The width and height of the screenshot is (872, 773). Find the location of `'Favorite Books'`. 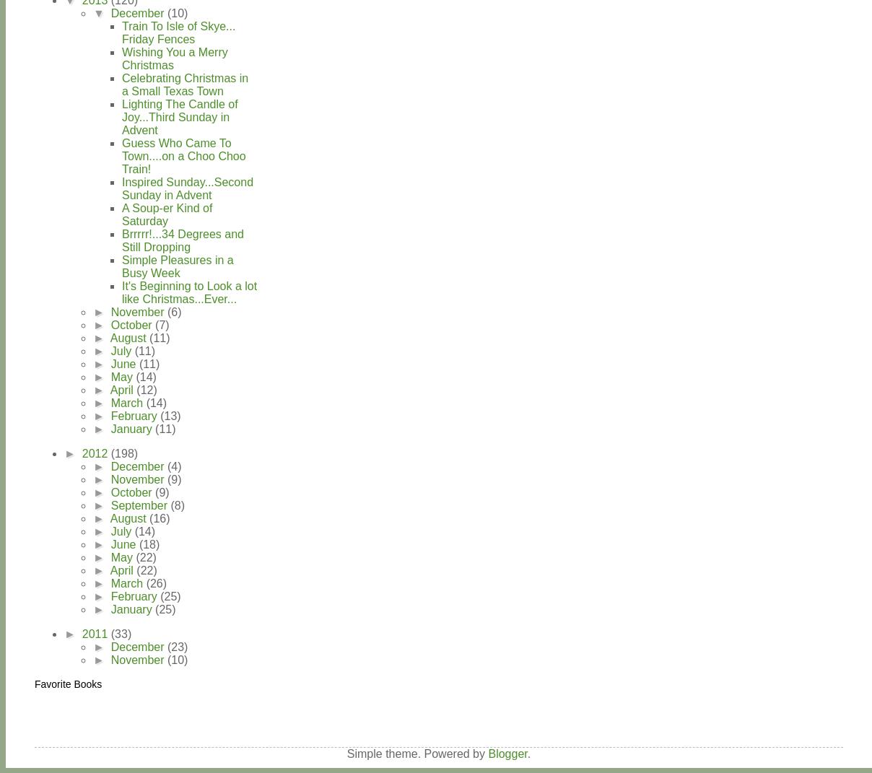

'Favorite Books' is located at coordinates (67, 682).